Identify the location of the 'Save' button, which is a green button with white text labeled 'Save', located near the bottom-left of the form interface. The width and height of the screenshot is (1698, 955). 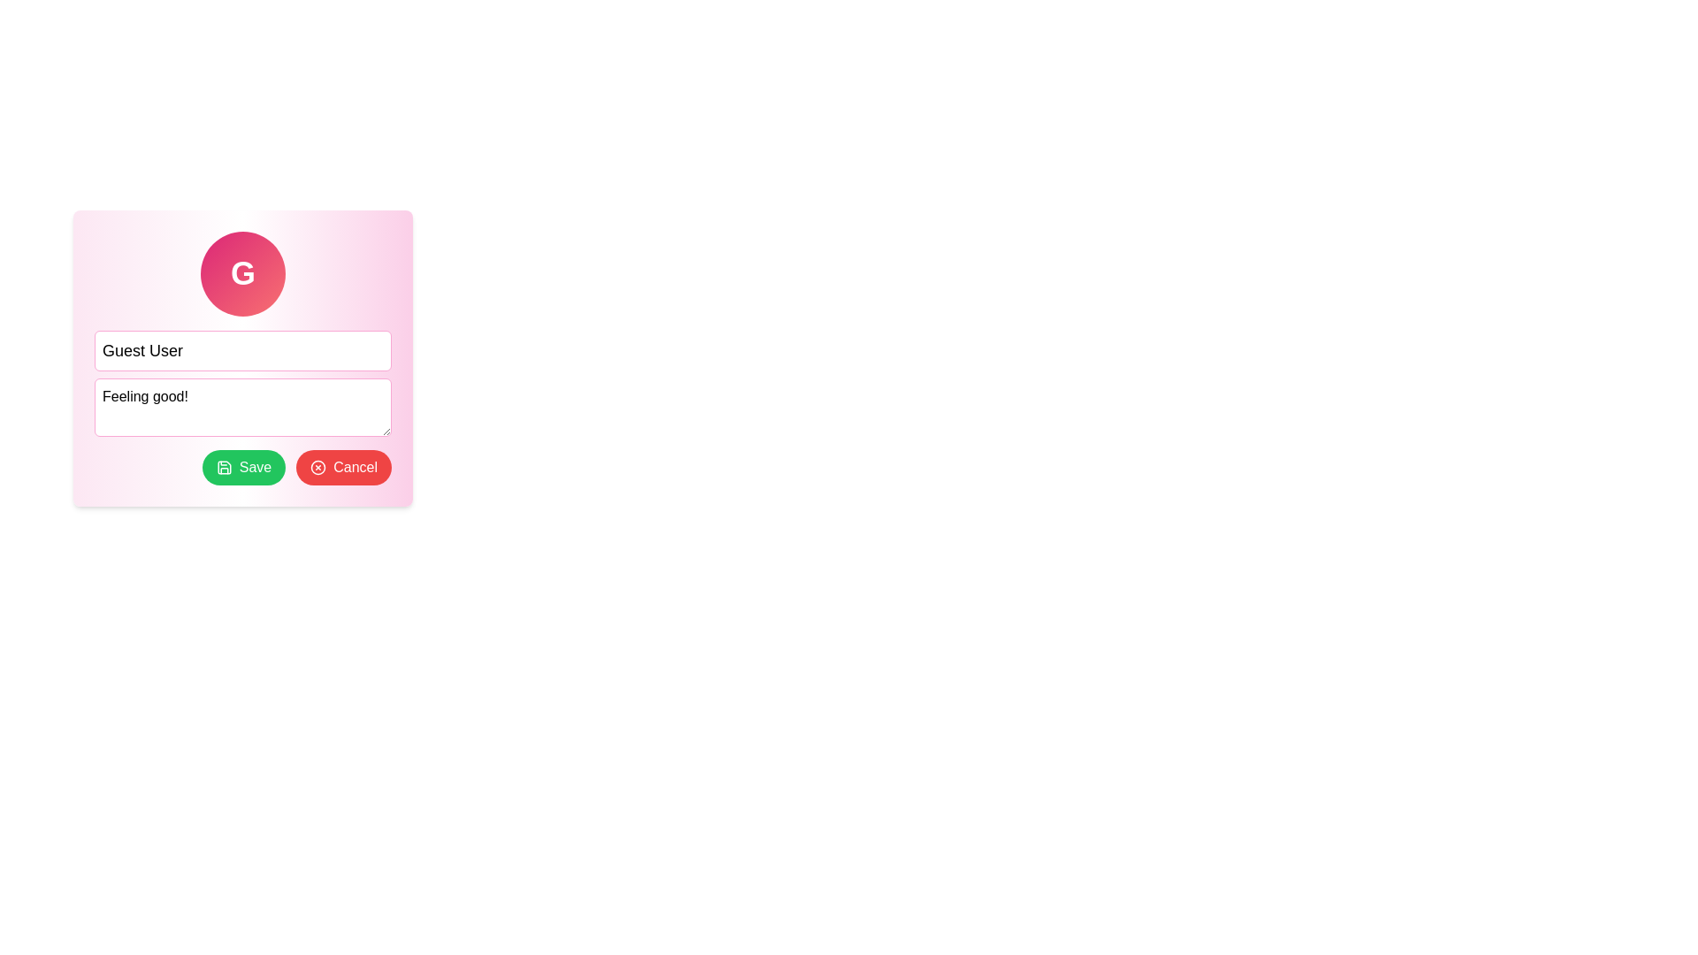
(254, 466).